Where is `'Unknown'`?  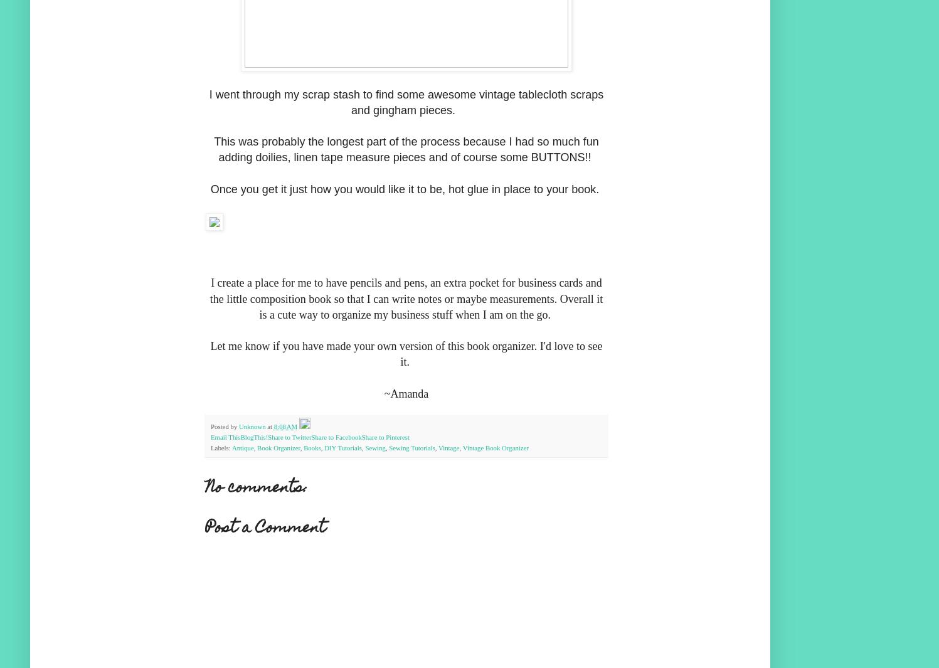 'Unknown' is located at coordinates (251, 426).